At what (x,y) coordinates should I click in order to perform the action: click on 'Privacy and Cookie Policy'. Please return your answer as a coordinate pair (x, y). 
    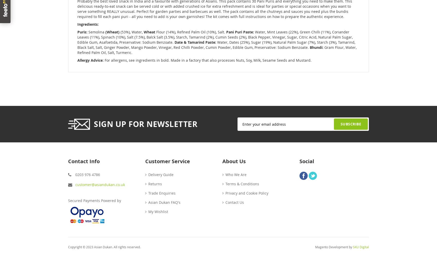
    Looking at the image, I should click on (247, 193).